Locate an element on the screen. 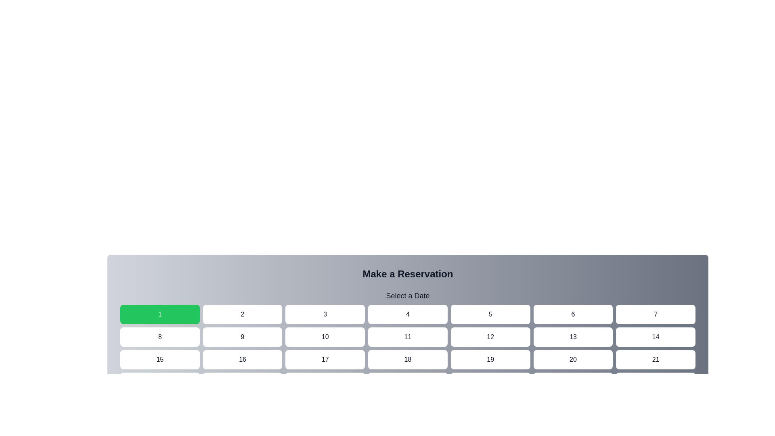 The width and height of the screenshot is (775, 436). the 10th button in the 'Make a Reservation' grid layout is located at coordinates (325, 337).